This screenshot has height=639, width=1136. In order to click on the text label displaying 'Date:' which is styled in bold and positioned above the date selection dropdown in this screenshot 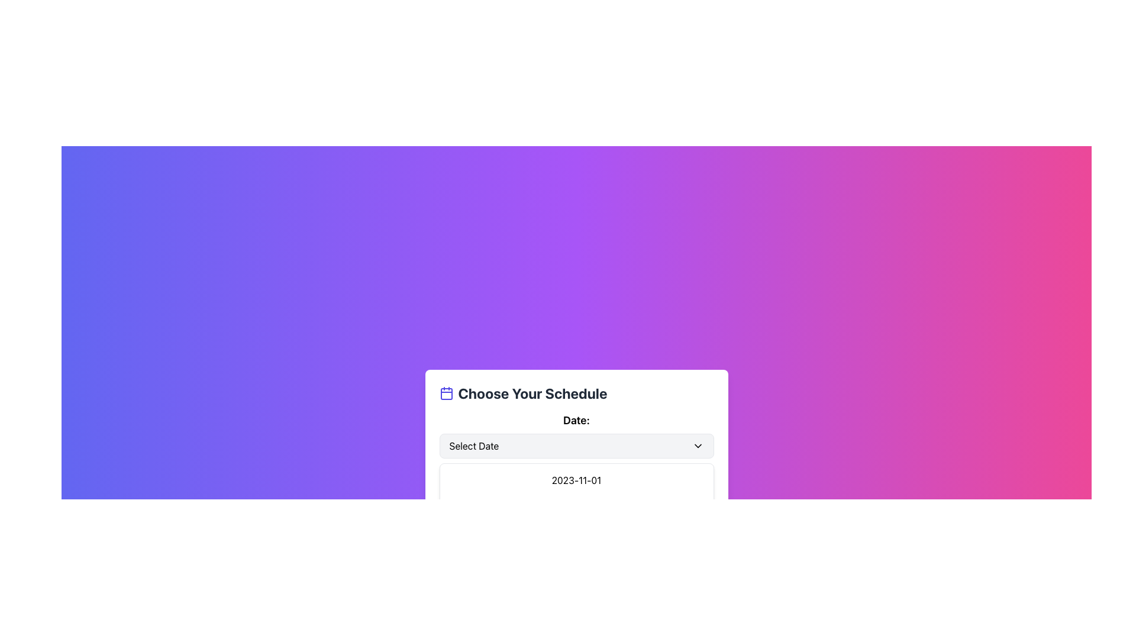, I will do `click(576, 419)`.